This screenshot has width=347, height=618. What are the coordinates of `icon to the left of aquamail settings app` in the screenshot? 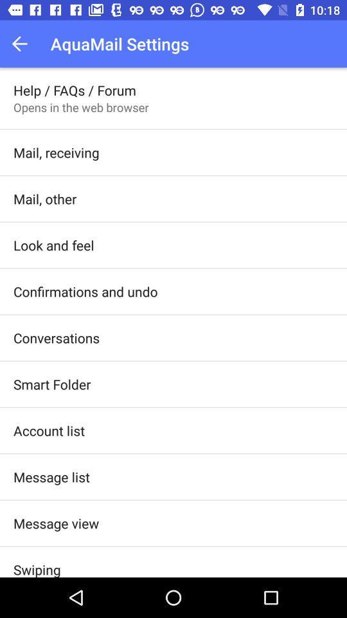 It's located at (23, 44).